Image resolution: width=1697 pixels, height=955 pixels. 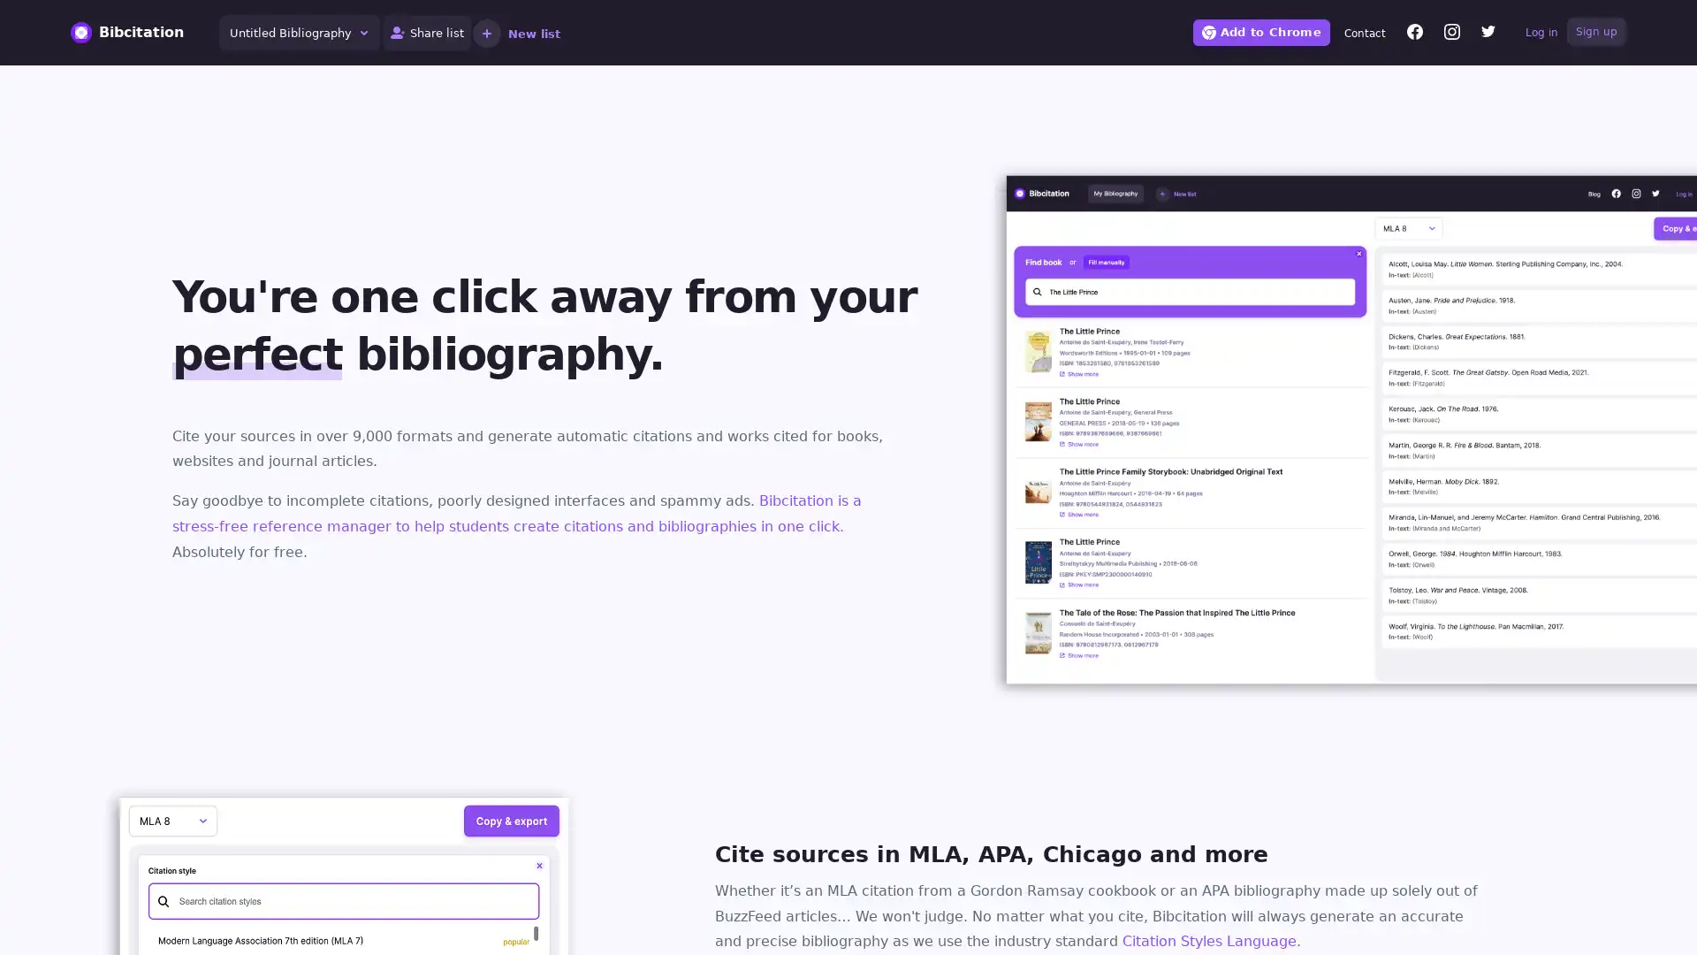 I want to click on Share list, so click(x=427, y=33).